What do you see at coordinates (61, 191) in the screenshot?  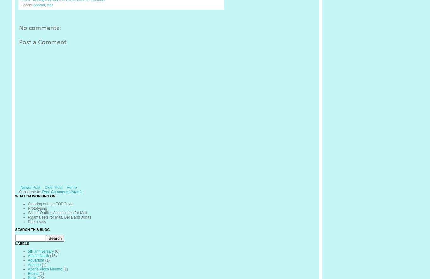 I see `'Post Comments (Atom)'` at bounding box center [61, 191].